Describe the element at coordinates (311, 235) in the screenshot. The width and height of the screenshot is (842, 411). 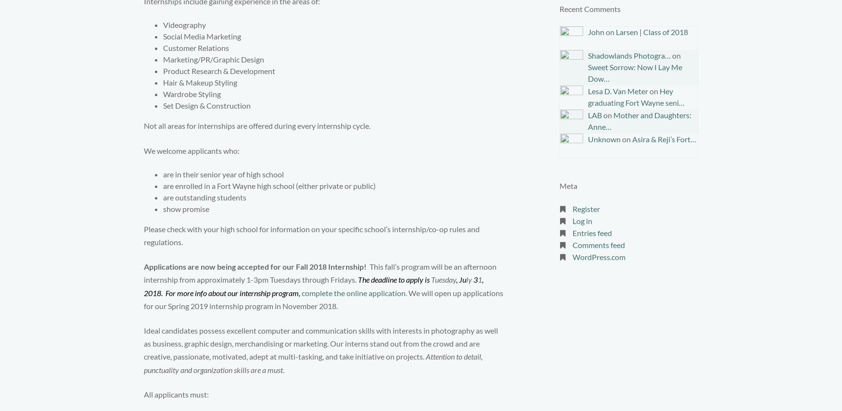
I see `'Please check with your high school for information on your specific school’s internship/co-op rules and regulations.'` at that location.